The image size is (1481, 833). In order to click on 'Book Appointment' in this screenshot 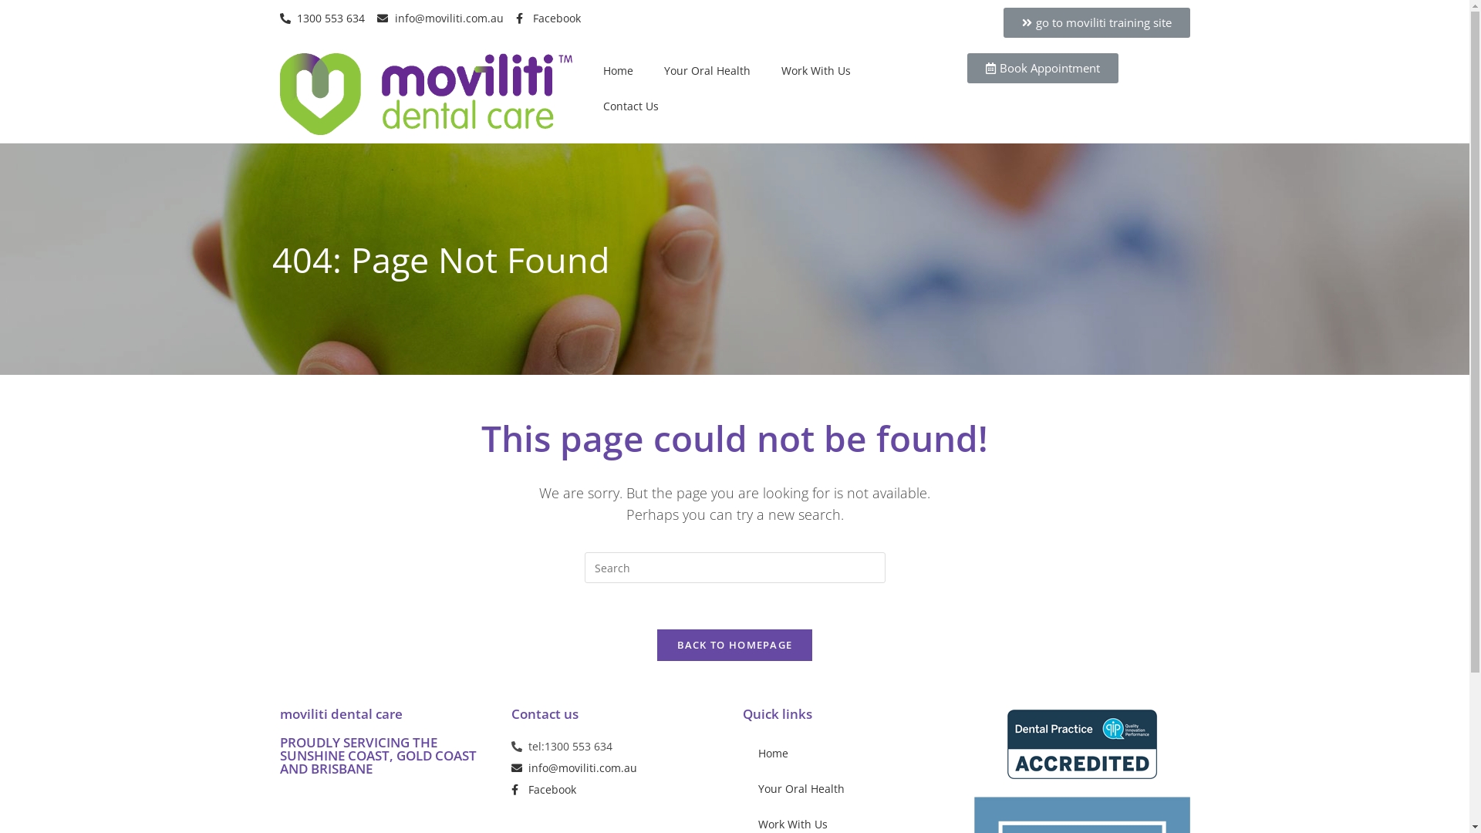, I will do `click(1043, 67)`.